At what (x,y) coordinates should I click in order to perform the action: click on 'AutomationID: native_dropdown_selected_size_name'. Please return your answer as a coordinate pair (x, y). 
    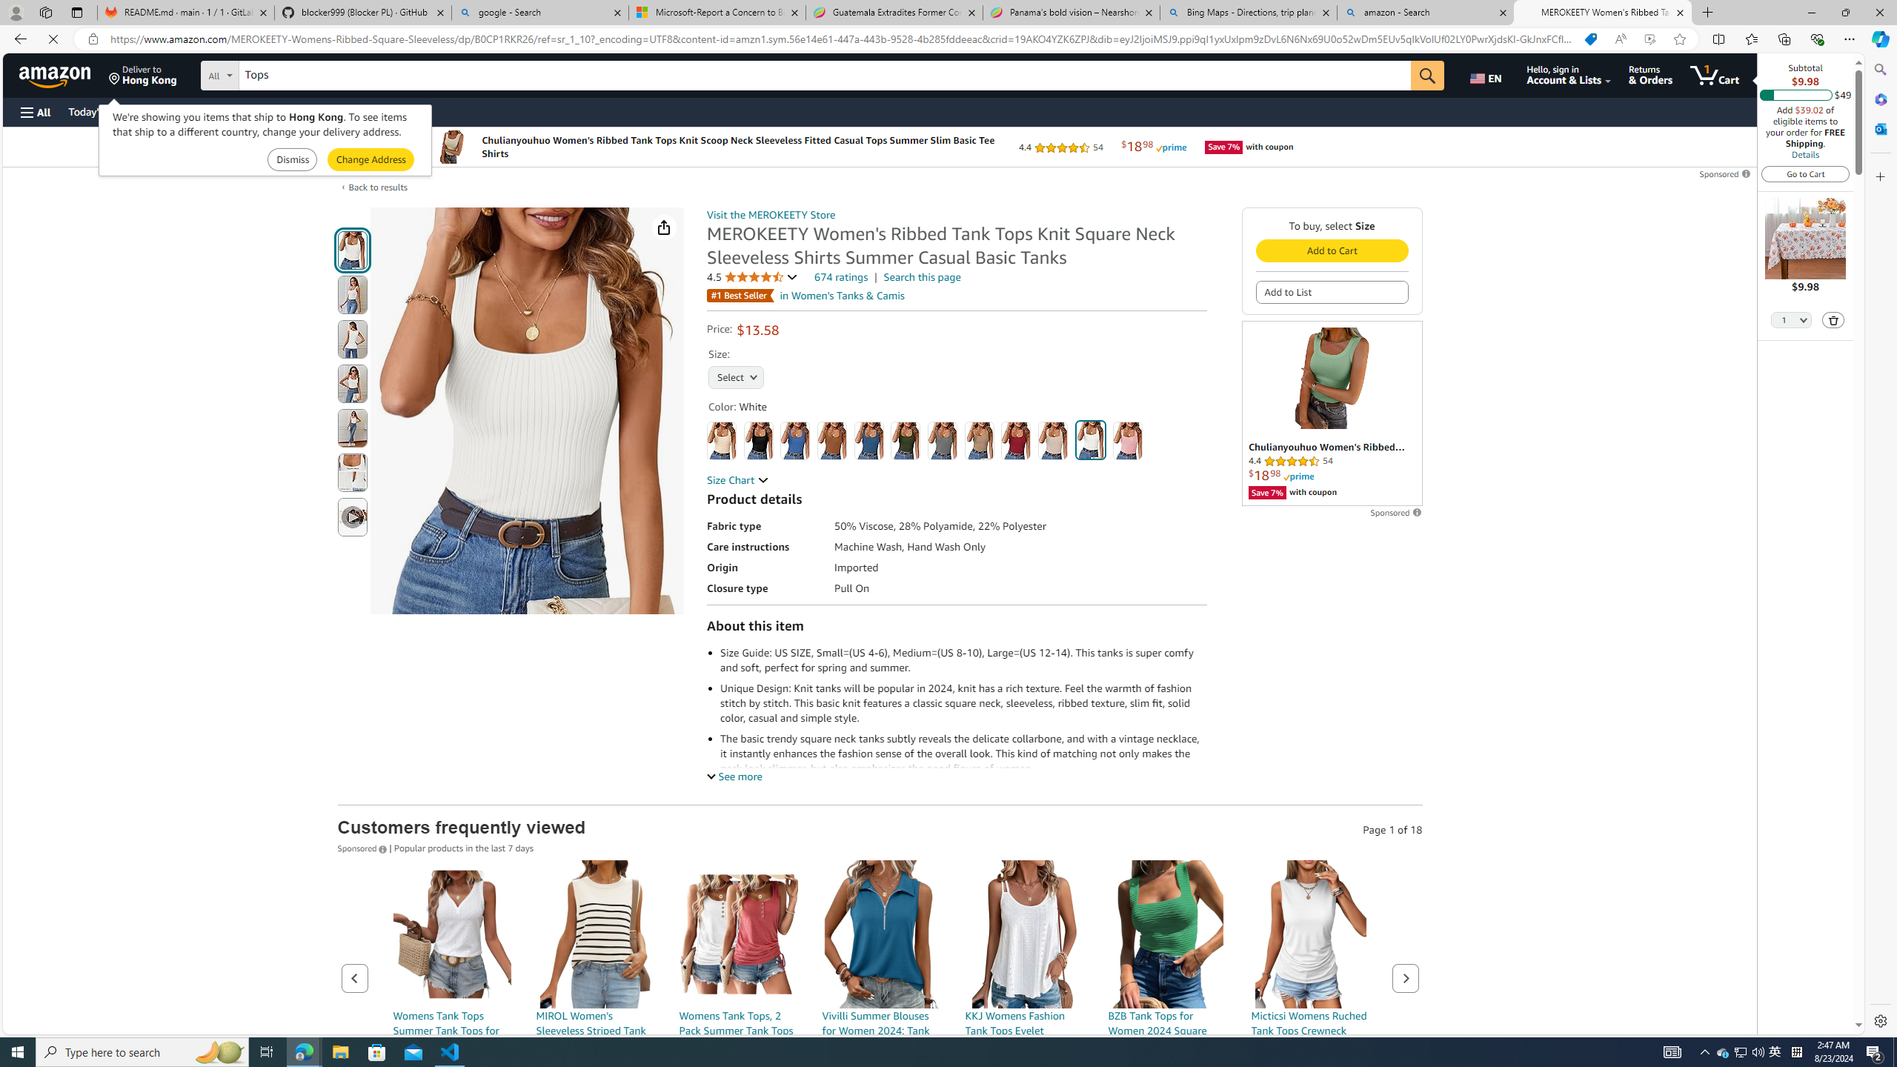
    Looking at the image, I should click on (735, 375).